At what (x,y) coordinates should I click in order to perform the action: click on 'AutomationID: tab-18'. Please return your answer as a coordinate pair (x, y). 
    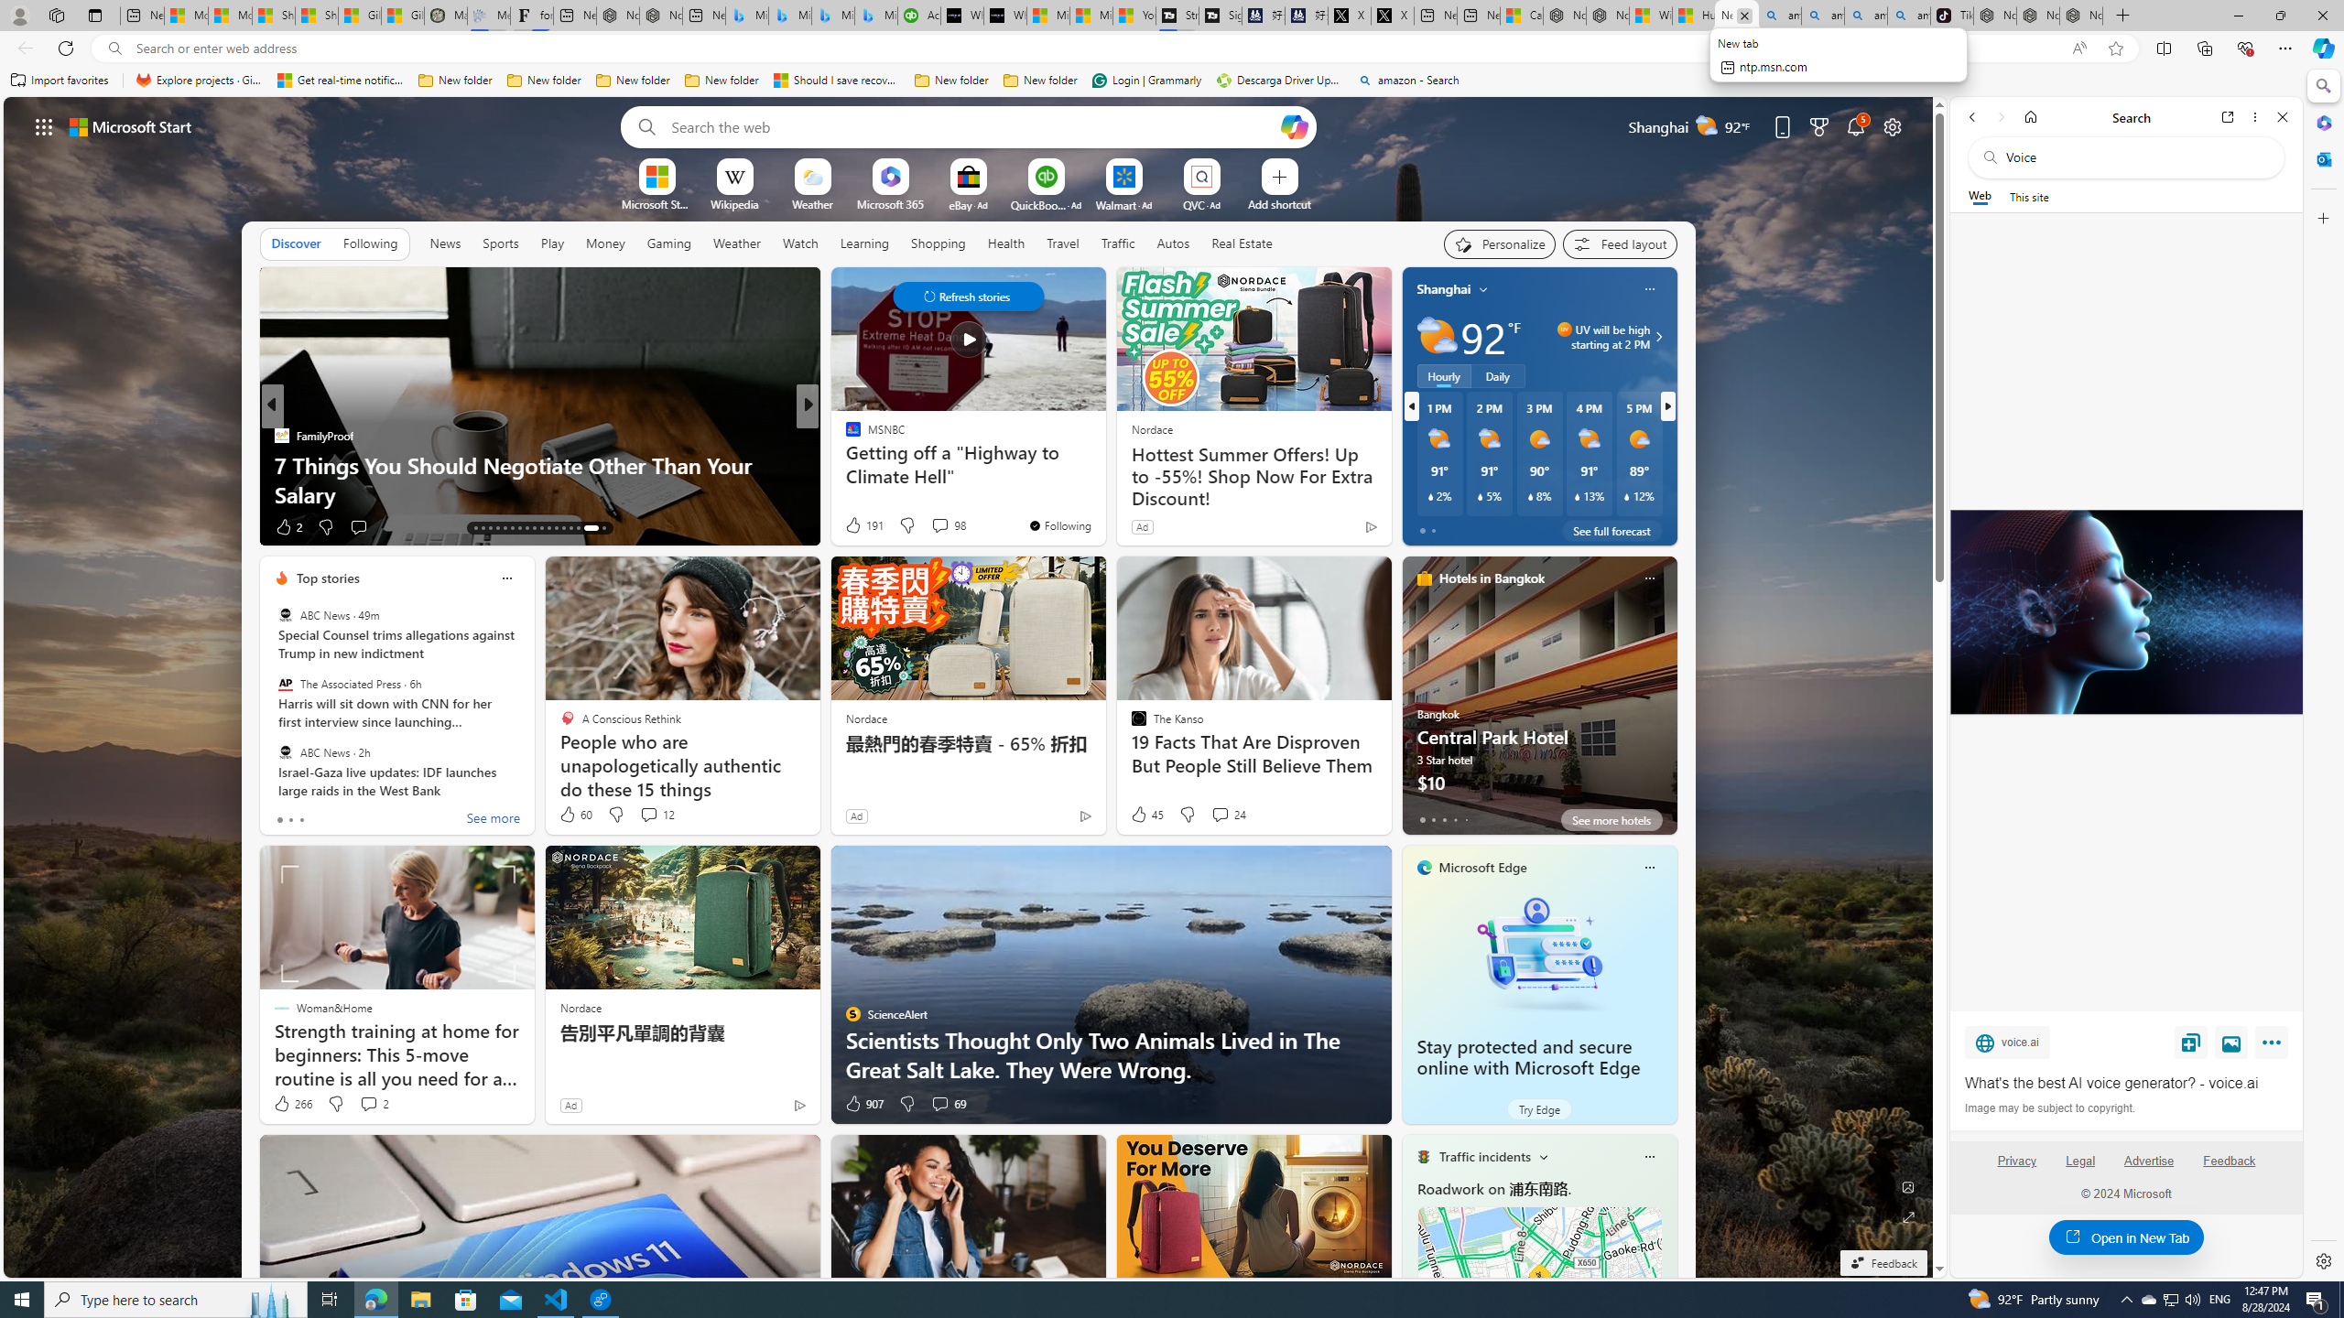
    Looking at the image, I should click on (511, 528).